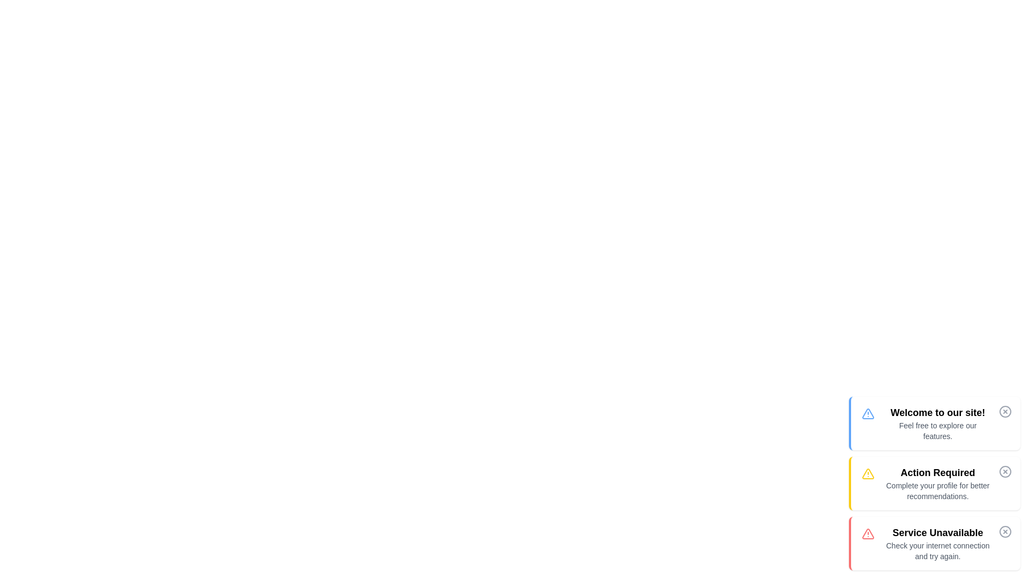 The height and width of the screenshot is (579, 1029). Describe the element at coordinates (868, 413) in the screenshot. I see `the blue-outlined triangle icon with a circular exclamation mark in the center, which represents the alert labeled 'Welcome to our site!'` at that location.